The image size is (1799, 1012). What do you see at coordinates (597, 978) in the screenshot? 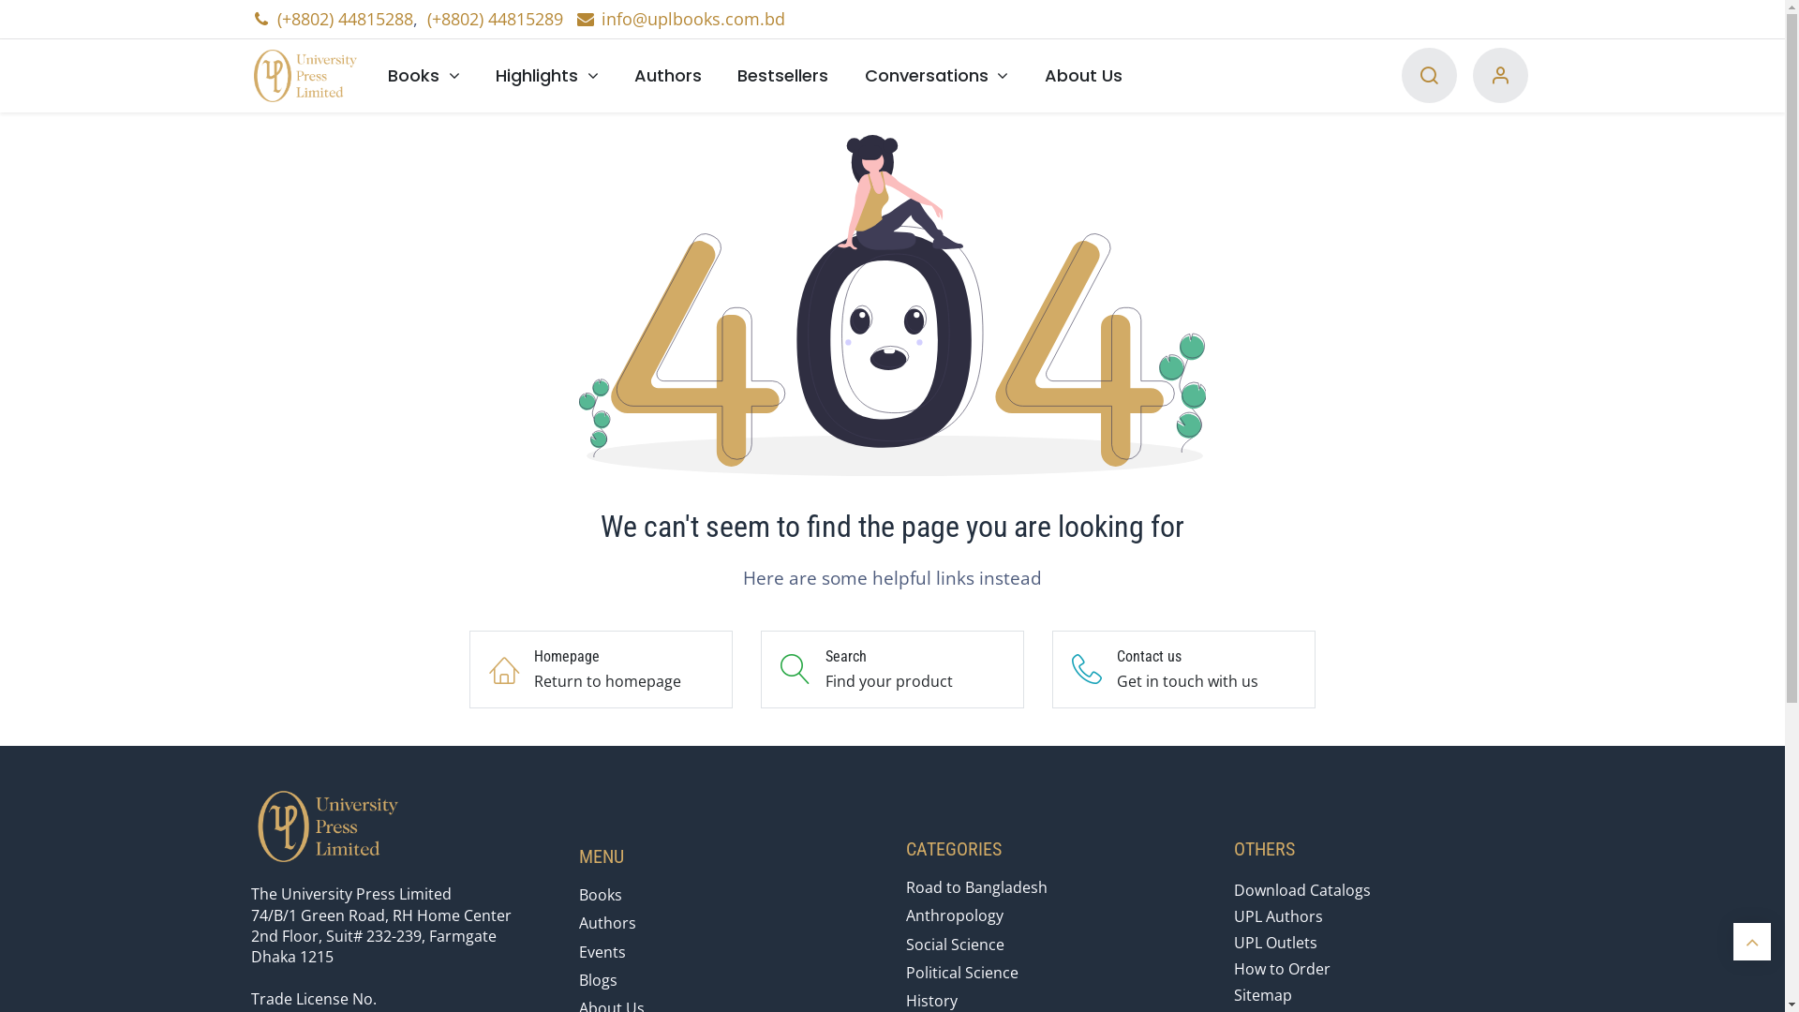
I see `'Blogs'` at bounding box center [597, 978].